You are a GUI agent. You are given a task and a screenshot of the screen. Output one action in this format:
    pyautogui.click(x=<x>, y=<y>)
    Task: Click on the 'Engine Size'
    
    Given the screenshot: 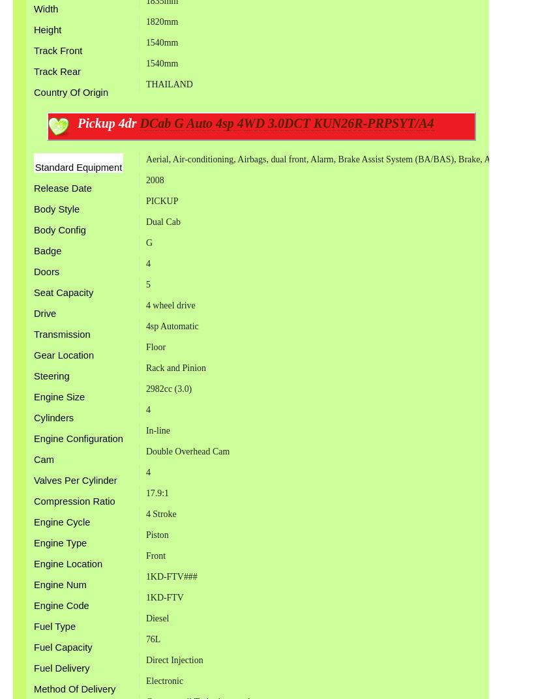 What is the action you would take?
    pyautogui.click(x=59, y=396)
    